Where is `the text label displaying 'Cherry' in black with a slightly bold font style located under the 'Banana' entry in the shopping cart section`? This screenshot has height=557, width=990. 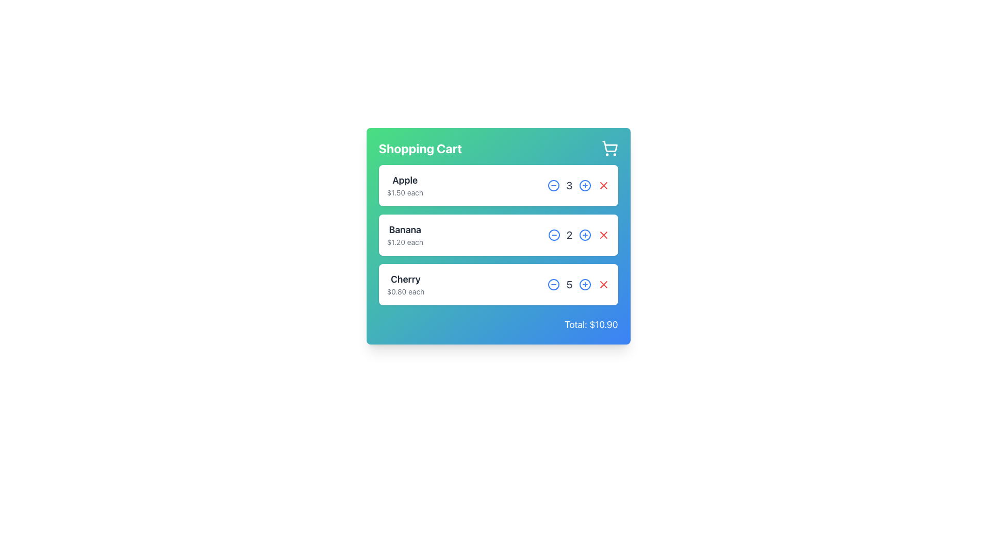
the text label displaying 'Cherry' in black with a slightly bold font style located under the 'Banana' entry in the shopping cart section is located at coordinates (405, 280).